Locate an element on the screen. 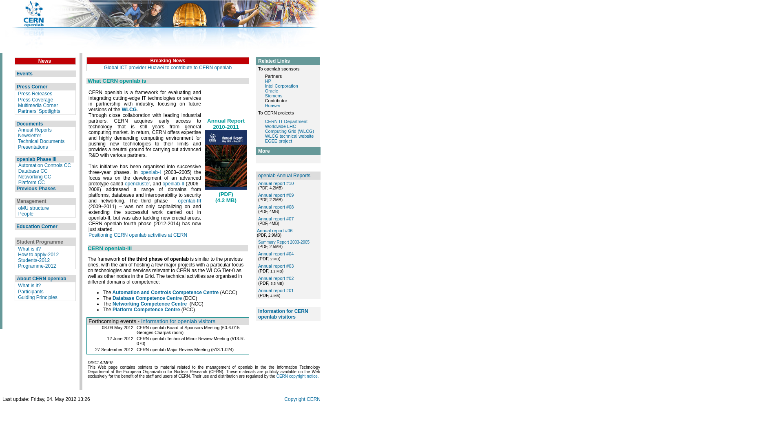 The image size is (783, 440). 'Annual report #02' is located at coordinates (258, 277).